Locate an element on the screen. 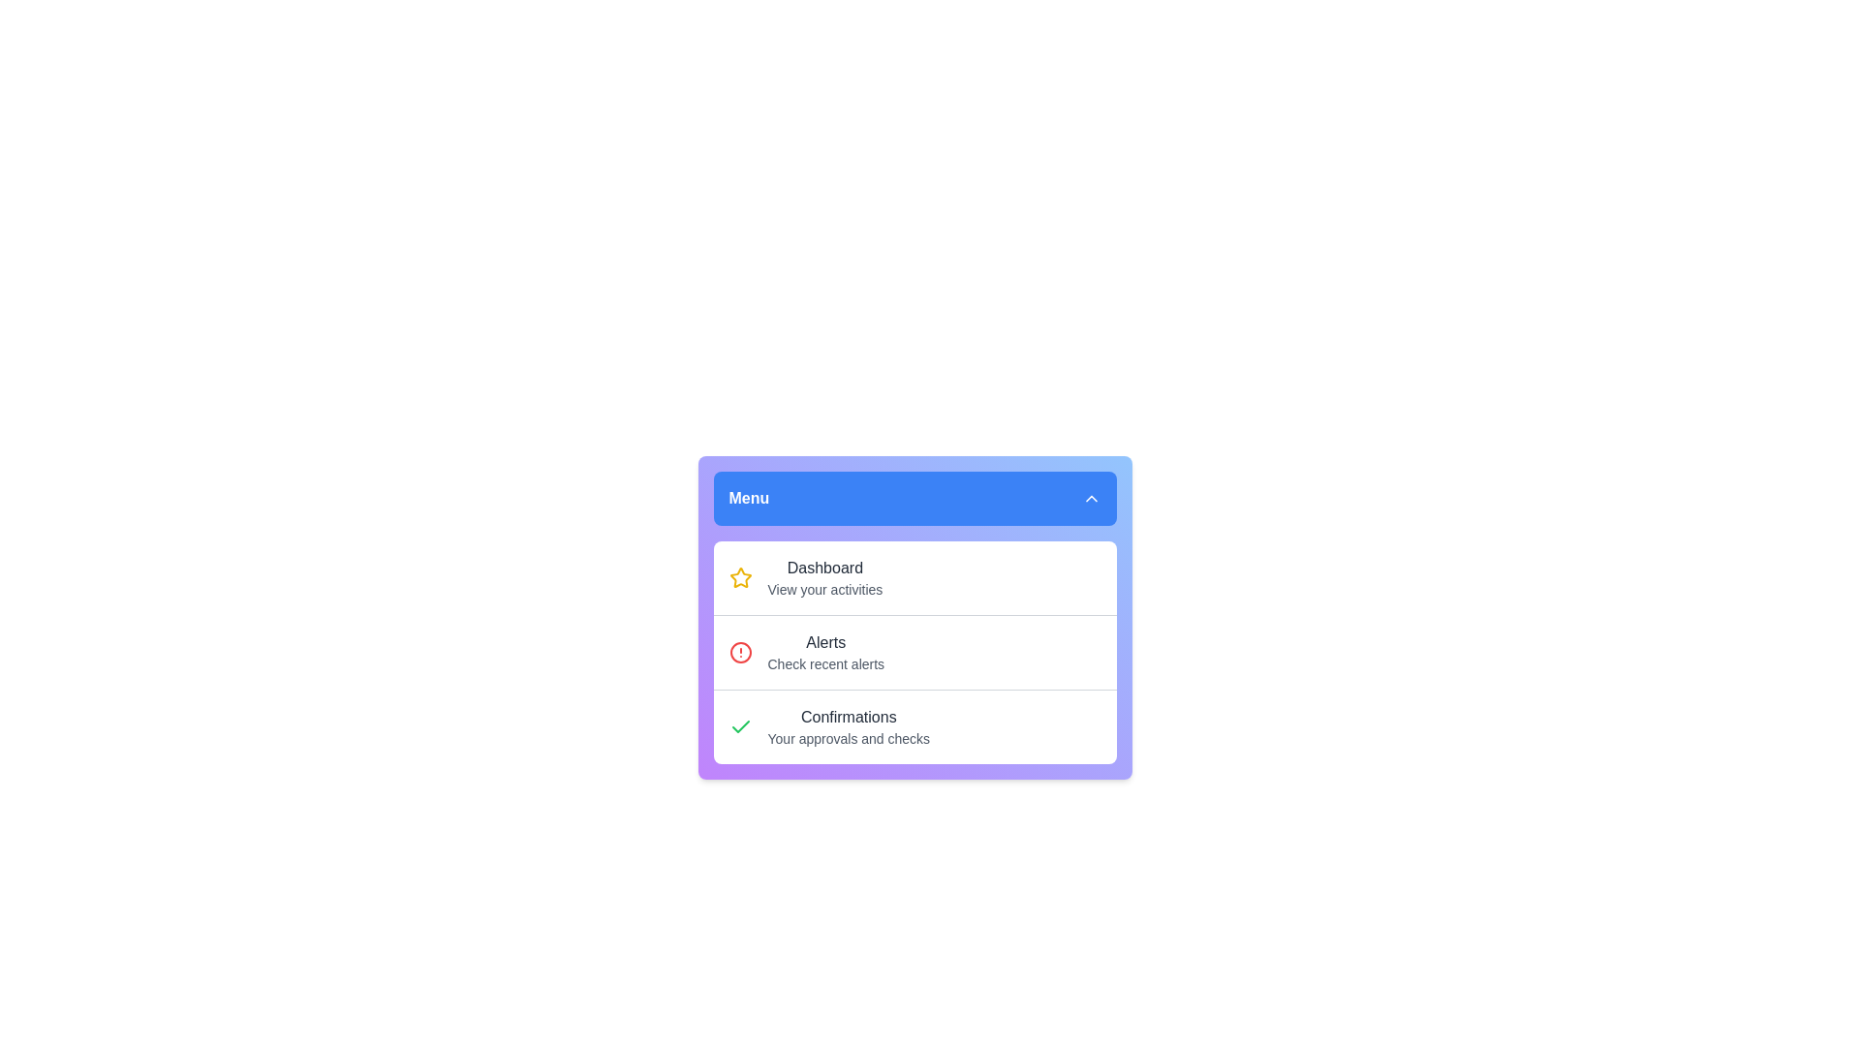 The width and height of the screenshot is (1860, 1046). the checkmark icon indicating the confirmed status in the 'Confirmations' list item, which is positioned to the far-left before the textual content is located at coordinates (739, 727).